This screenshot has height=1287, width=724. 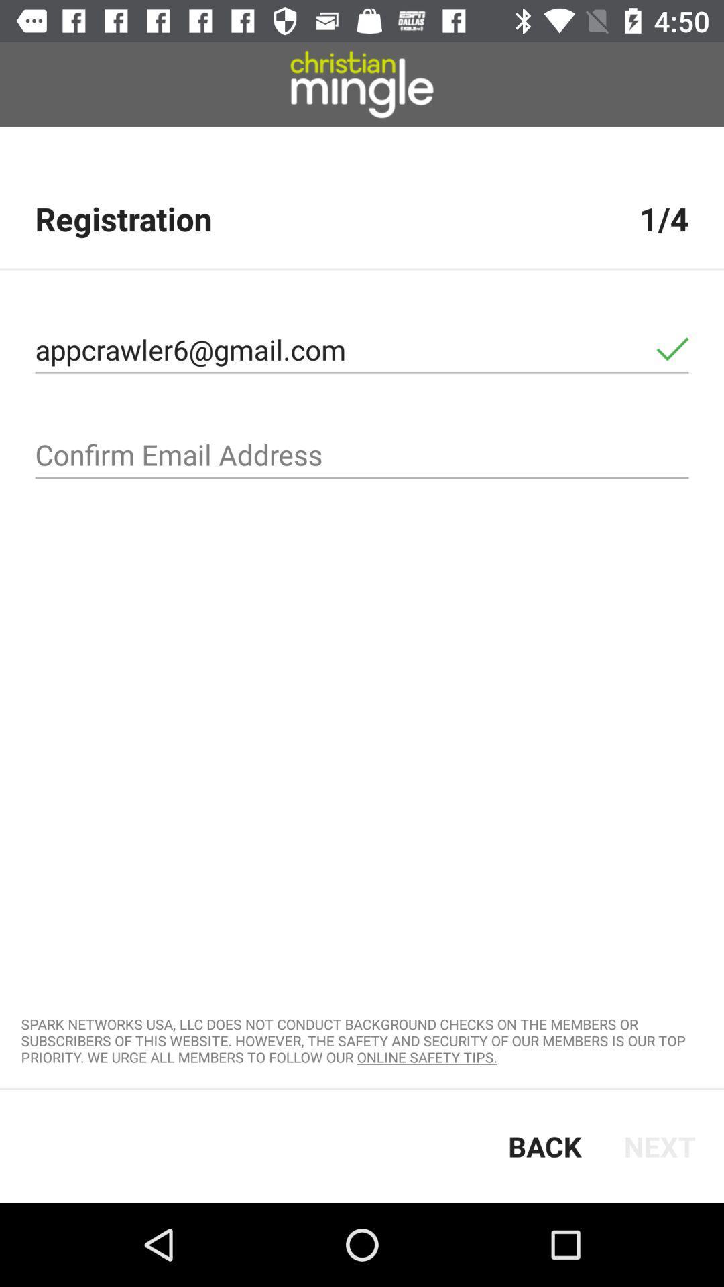 What do you see at coordinates (362, 455) in the screenshot?
I see `confrim email address text box` at bounding box center [362, 455].